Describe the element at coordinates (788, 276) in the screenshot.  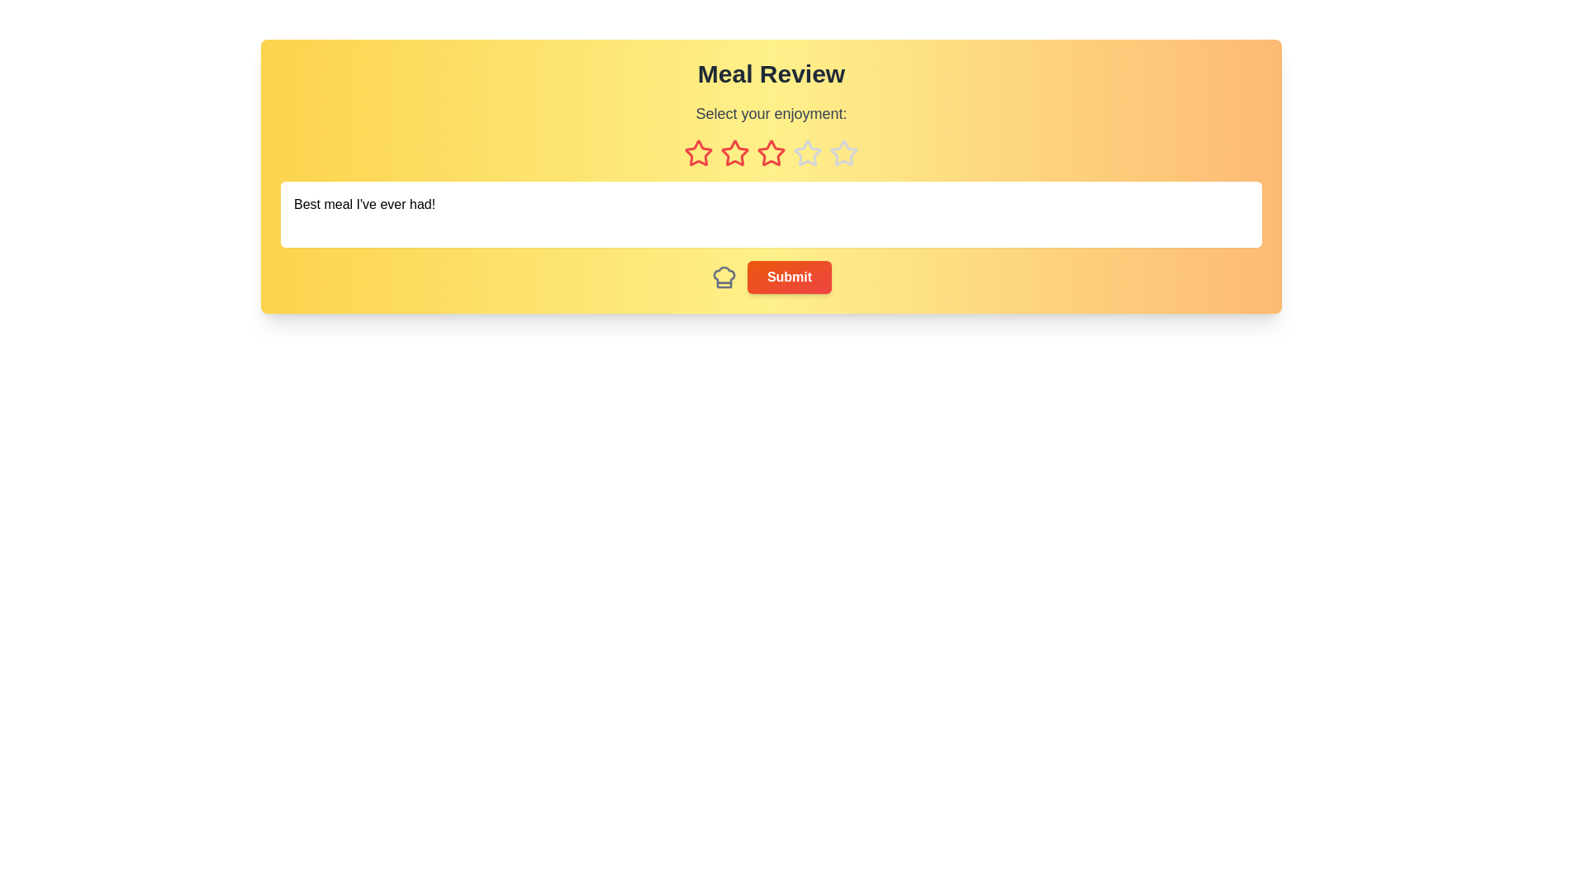
I see `the 'Submit' button, which is a modern rectangular button with rounded corners, featuring a gradient background from orange to red and bold white text, located in the lower section of the interface` at that location.